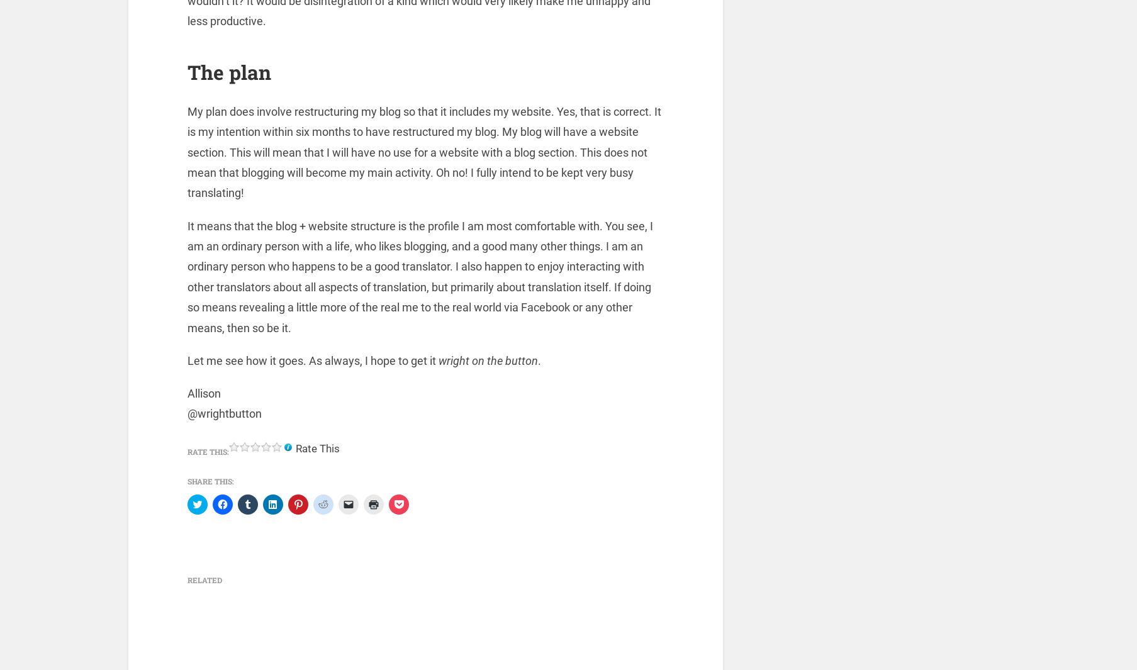 Image resolution: width=1137 pixels, height=670 pixels. I want to click on 'Rate this:', so click(208, 454).